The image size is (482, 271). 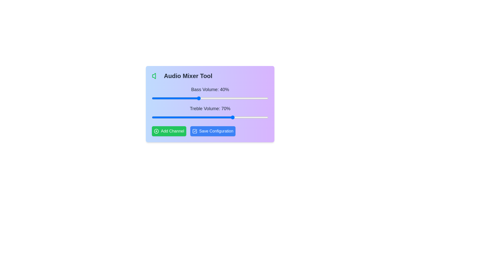 What do you see at coordinates (210, 117) in the screenshot?
I see `and drag the treble volume slider located beneath the text 'Treble Volume: 70%' to adjust the value` at bounding box center [210, 117].